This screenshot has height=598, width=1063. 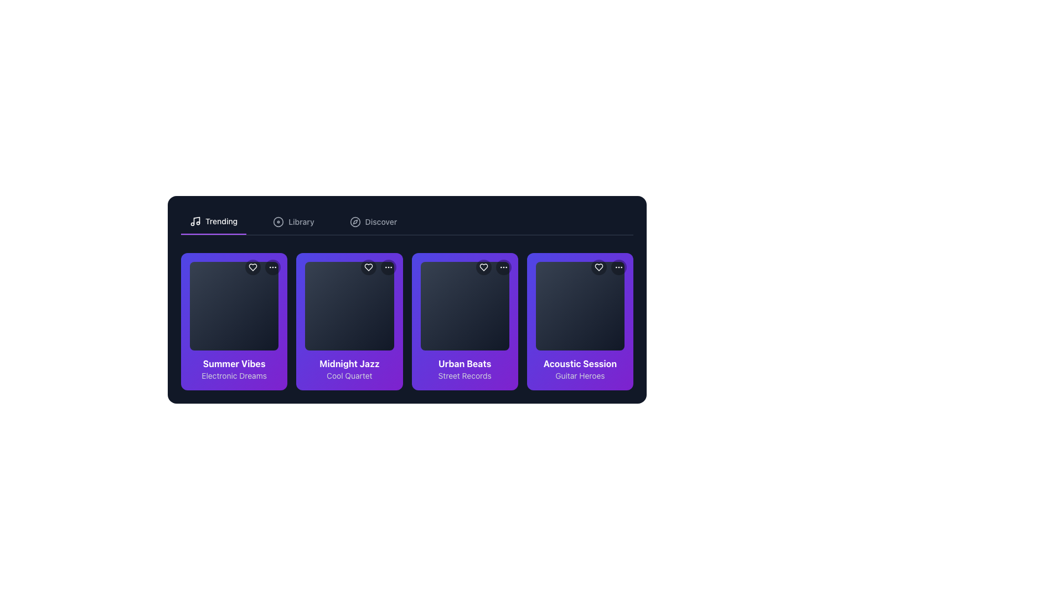 I want to click on the circular graphical component that is centrally located within the compass-like icon, so click(x=355, y=222).